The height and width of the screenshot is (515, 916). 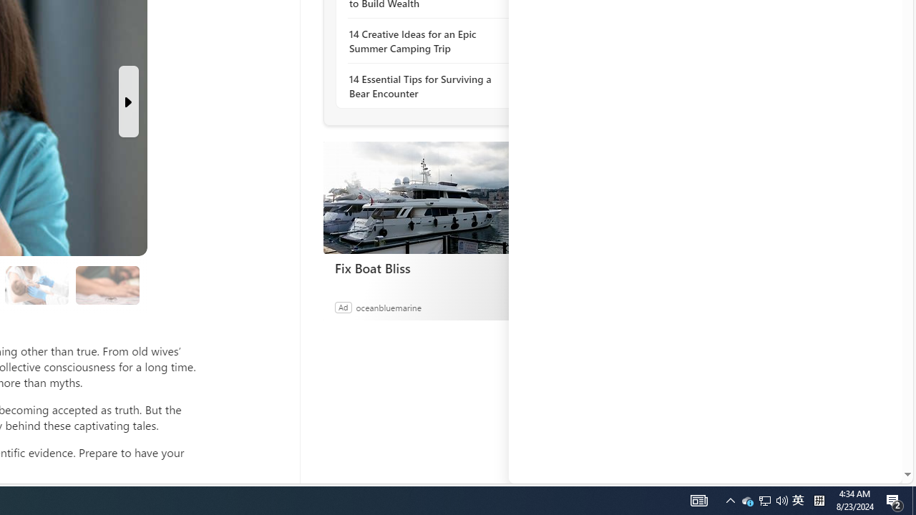 What do you see at coordinates (36, 285) in the screenshot?
I see `'5. Childhood Was High-Risk'` at bounding box center [36, 285].